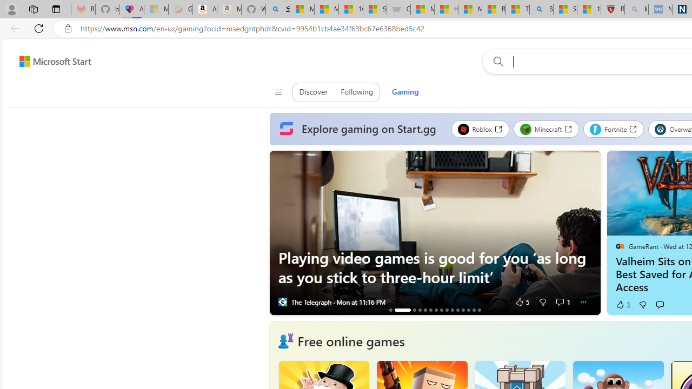 This screenshot has width=692, height=389. What do you see at coordinates (131, 9) in the screenshot?
I see `'Asthma Inhalers: Names and Types'` at bounding box center [131, 9].